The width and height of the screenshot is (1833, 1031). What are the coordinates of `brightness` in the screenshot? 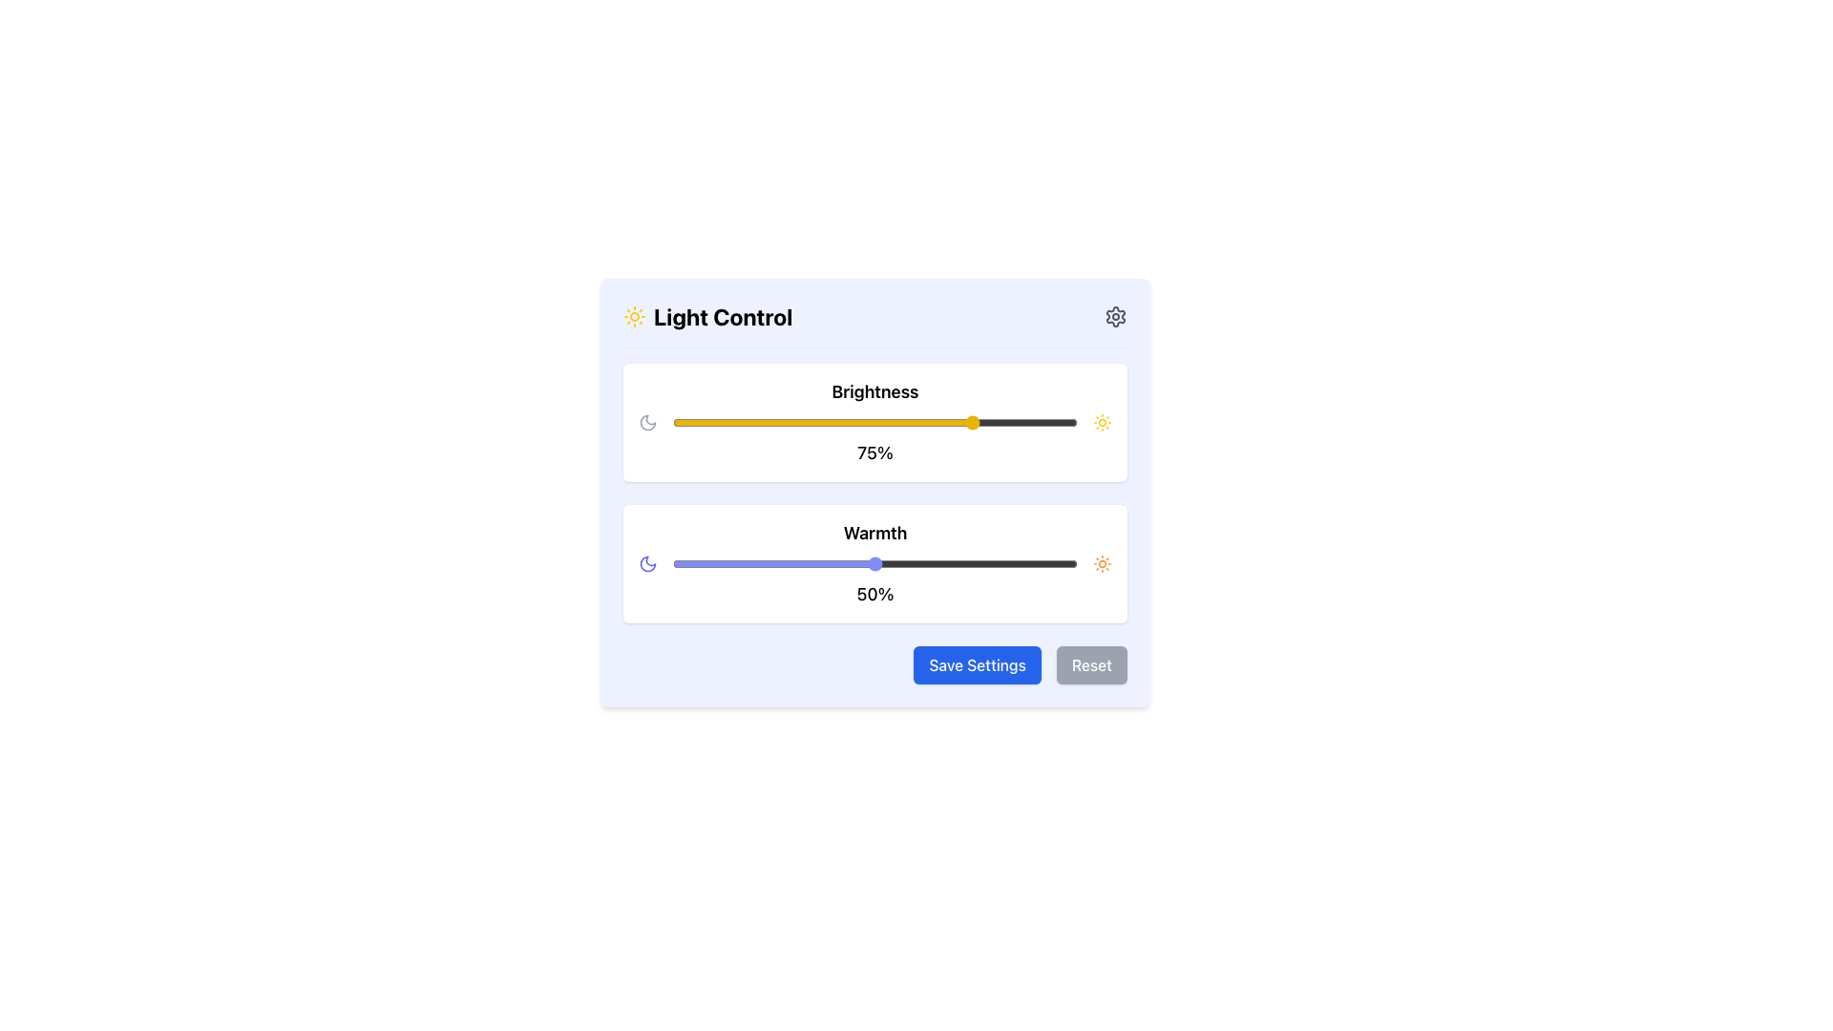 It's located at (911, 422).